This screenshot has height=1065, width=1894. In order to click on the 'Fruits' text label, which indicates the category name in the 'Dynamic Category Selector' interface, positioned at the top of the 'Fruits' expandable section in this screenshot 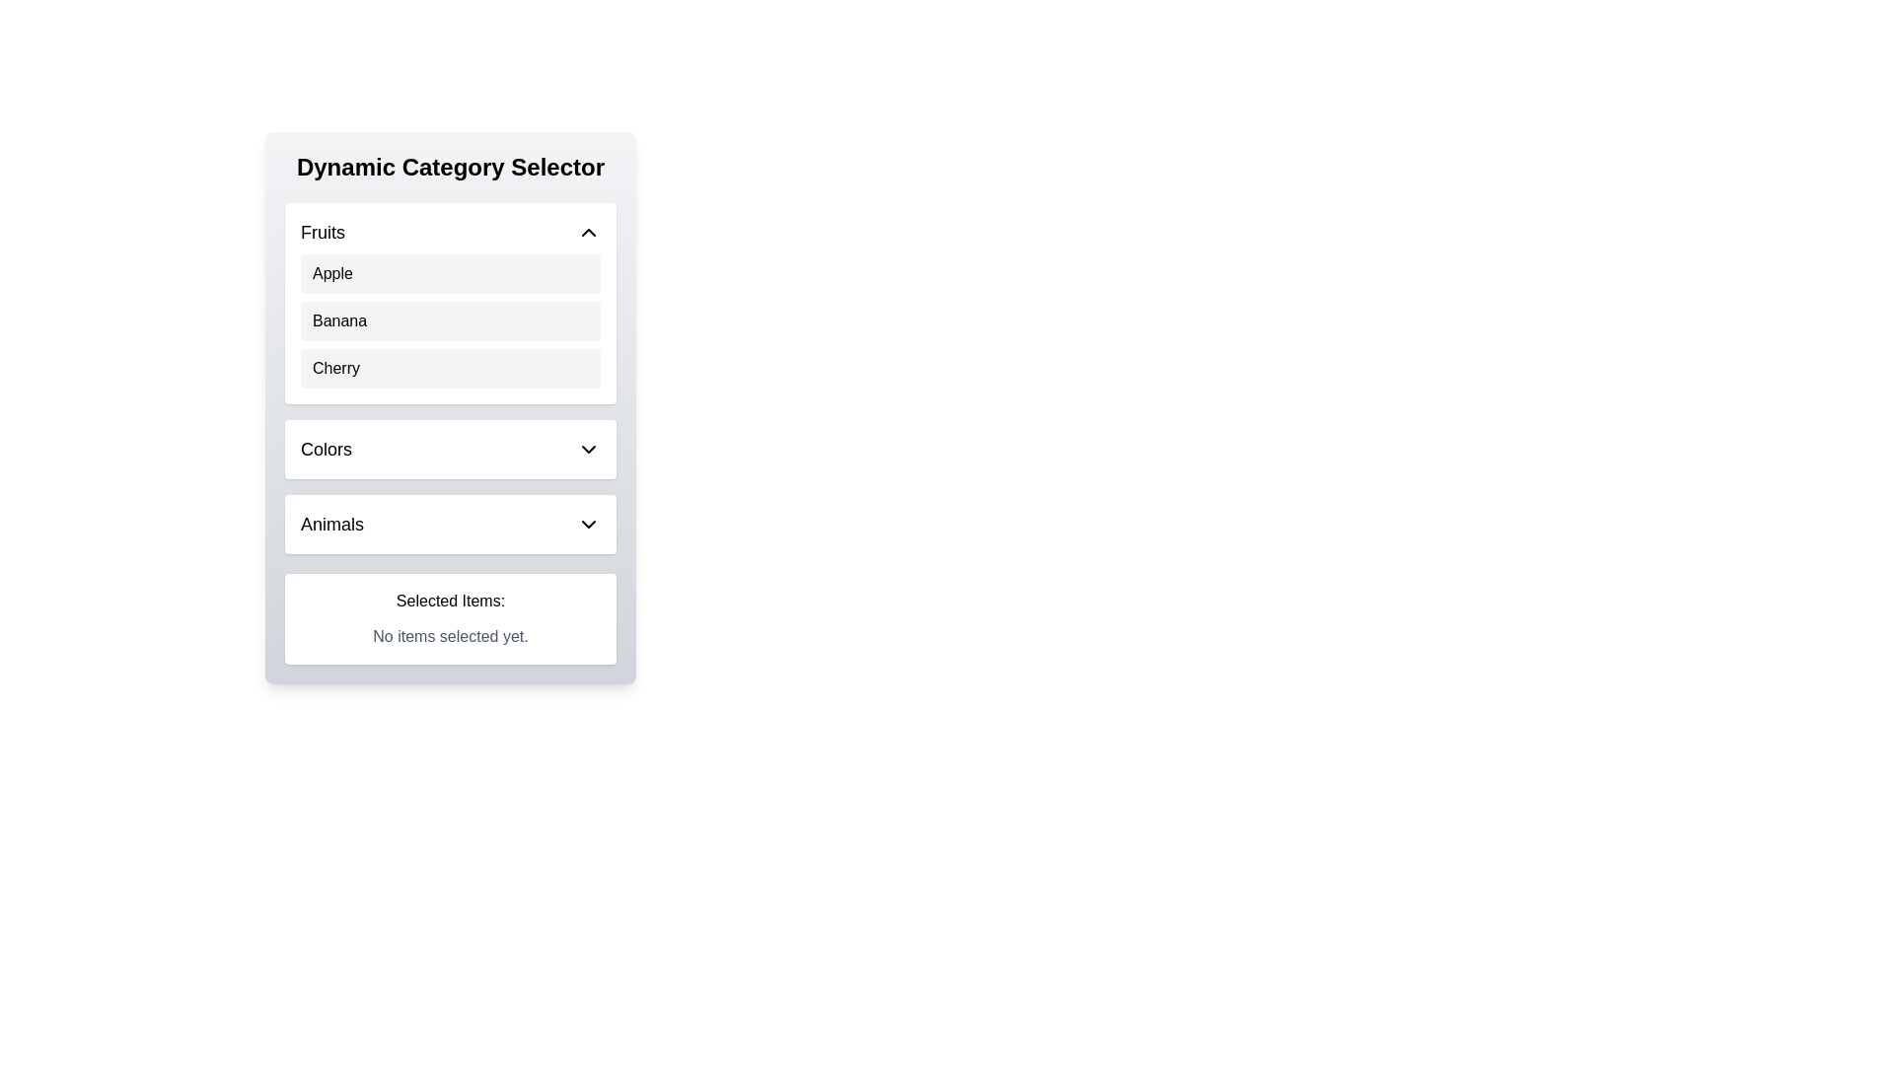, I will do `click(323, 231)`.